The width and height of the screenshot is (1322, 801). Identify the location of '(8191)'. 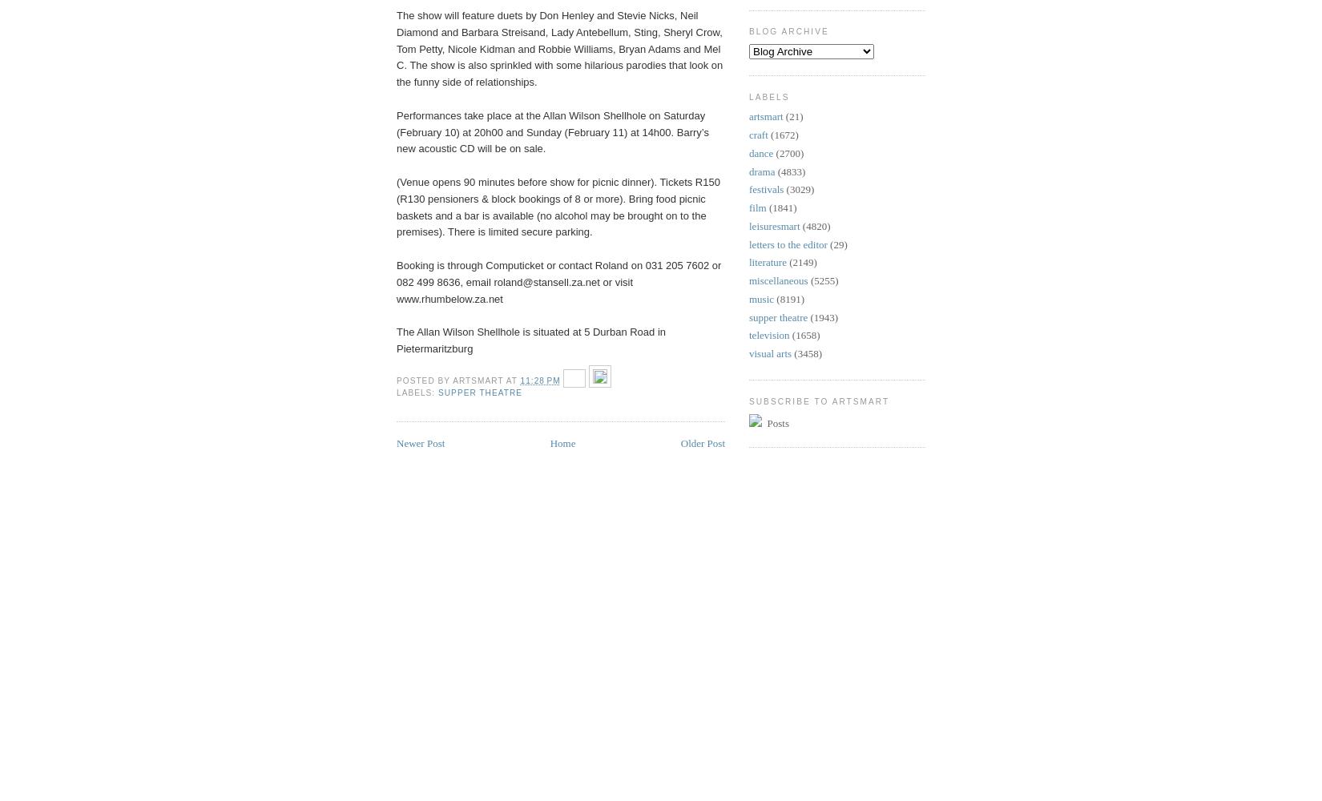
(776, 297).